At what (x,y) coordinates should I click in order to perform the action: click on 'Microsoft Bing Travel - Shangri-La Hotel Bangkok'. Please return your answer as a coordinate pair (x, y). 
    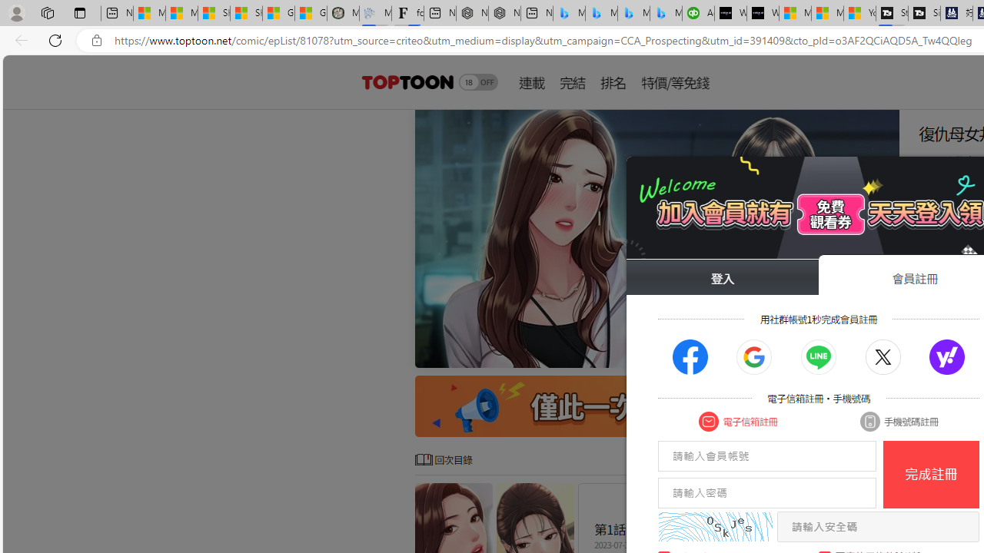
    Looking at the image, I should click on (666, 13).